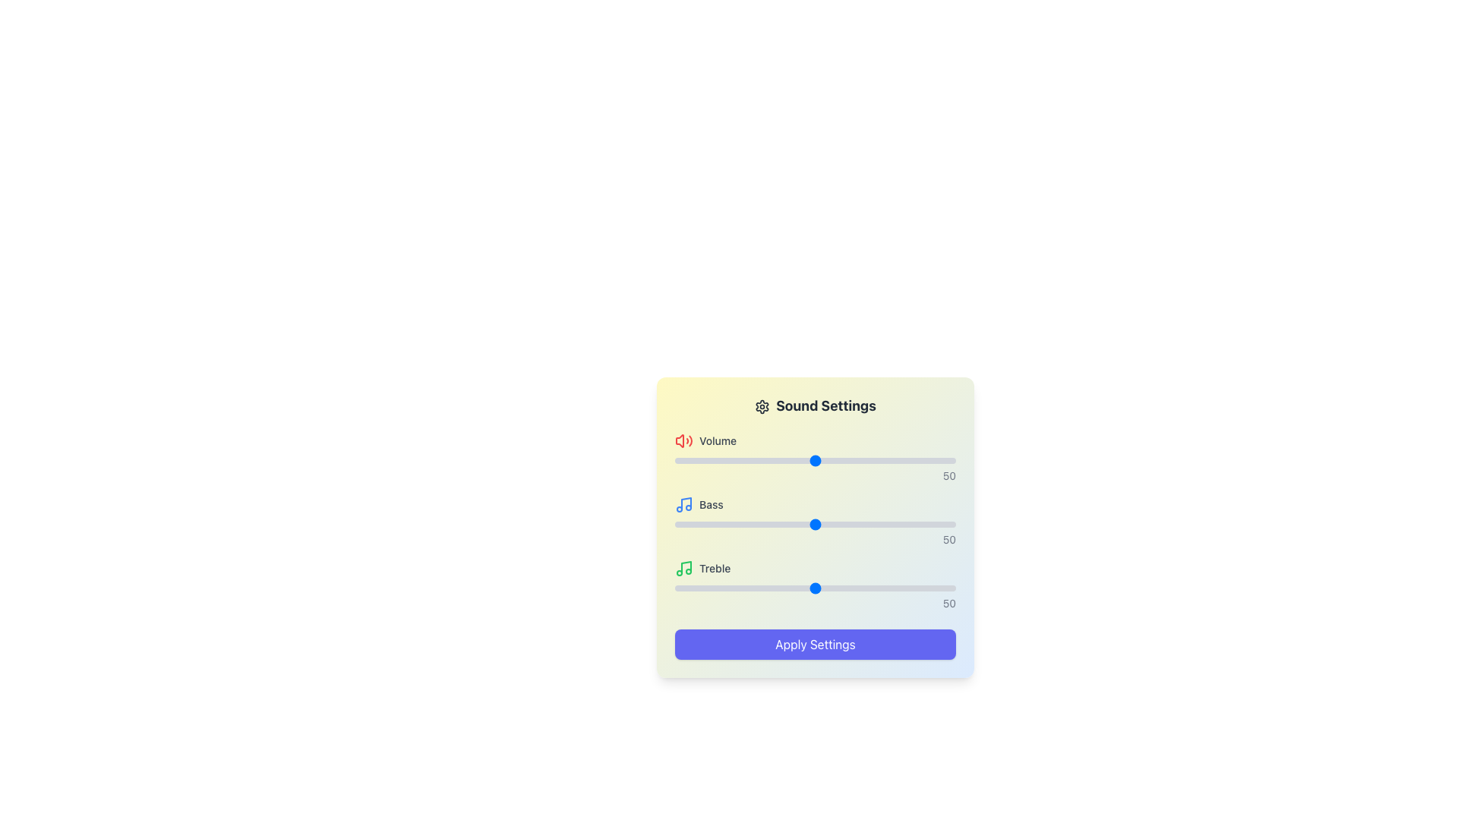 The width and height of the screenshot is (1458, 820). What do you see at coordinates (929, 588) in the screenshot?
I see `the treble level` at bounding box center [929, 588].